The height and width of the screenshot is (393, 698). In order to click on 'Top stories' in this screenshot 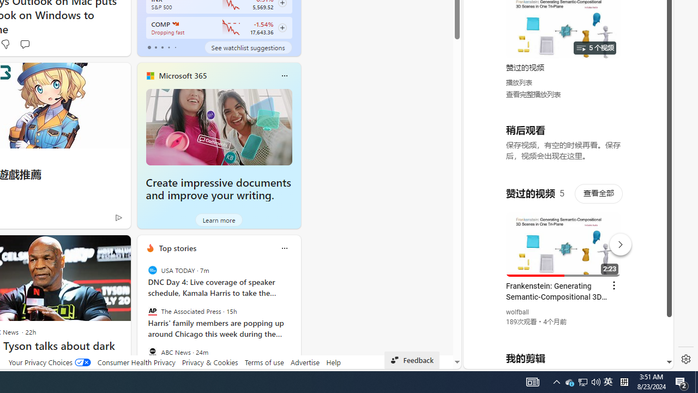, I will do `click(177, 248)`.